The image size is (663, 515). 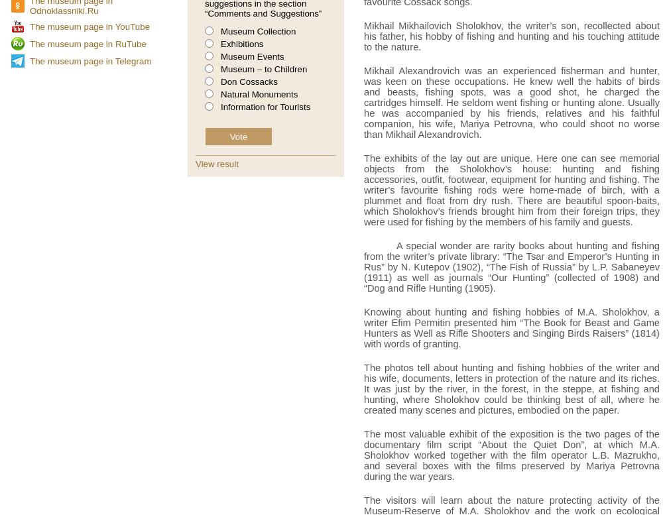 What do you see at coordinates (512, 328) in the screenshot?
I see `'Knowing about hunting and fishing hobbies of M.A. Sholokhov, a writer Efim Permitin presented him “The Book for Beast and Game Hunters as Well as Rifle Shooters and Singing Birds Raisers” (1814) with words of granting.'` at bounding box center [512, 328].